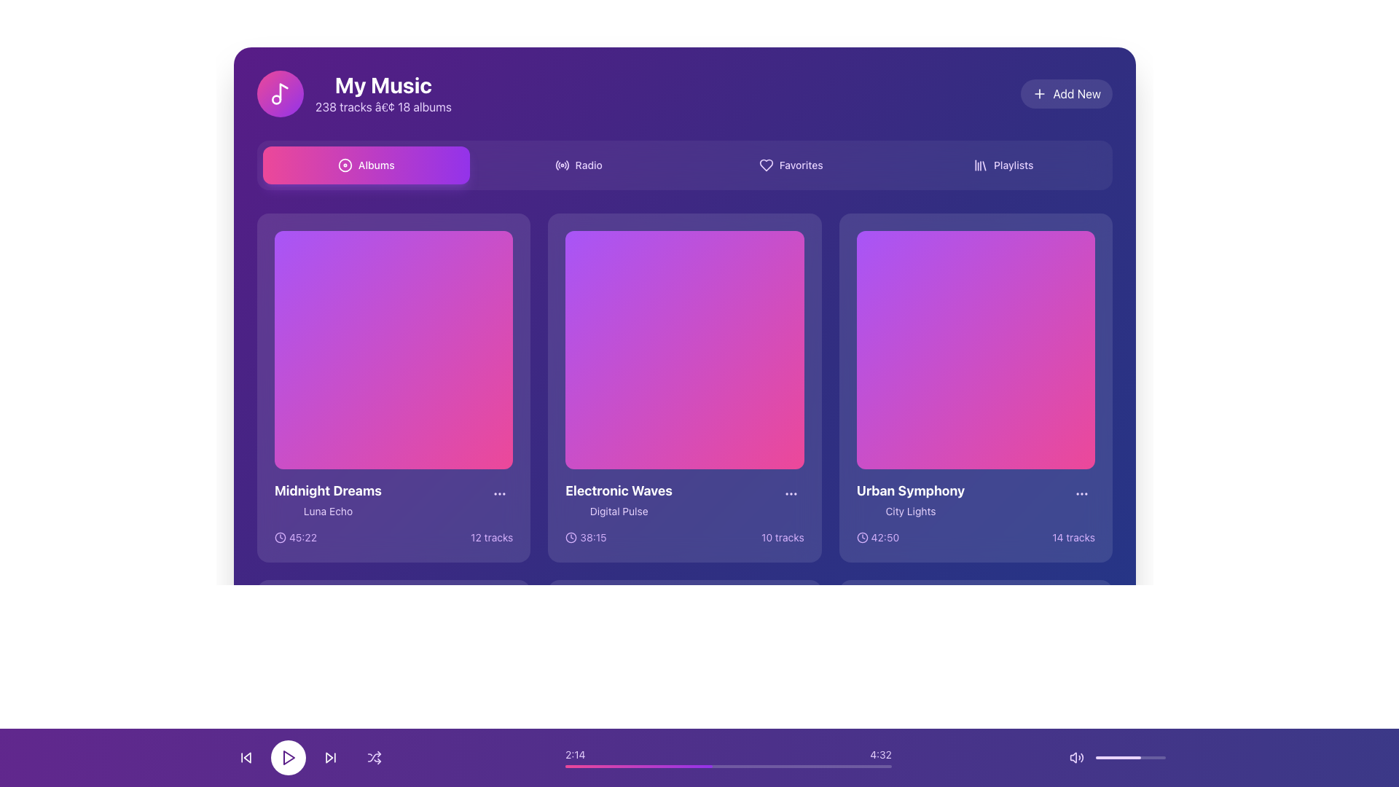 The image size is (1399, 787). I want to click on the Interactive menu button marked by an ellipsis icon located at the bottom-right corner of the 'Midnight Dreams' album card, so click(500, 493).